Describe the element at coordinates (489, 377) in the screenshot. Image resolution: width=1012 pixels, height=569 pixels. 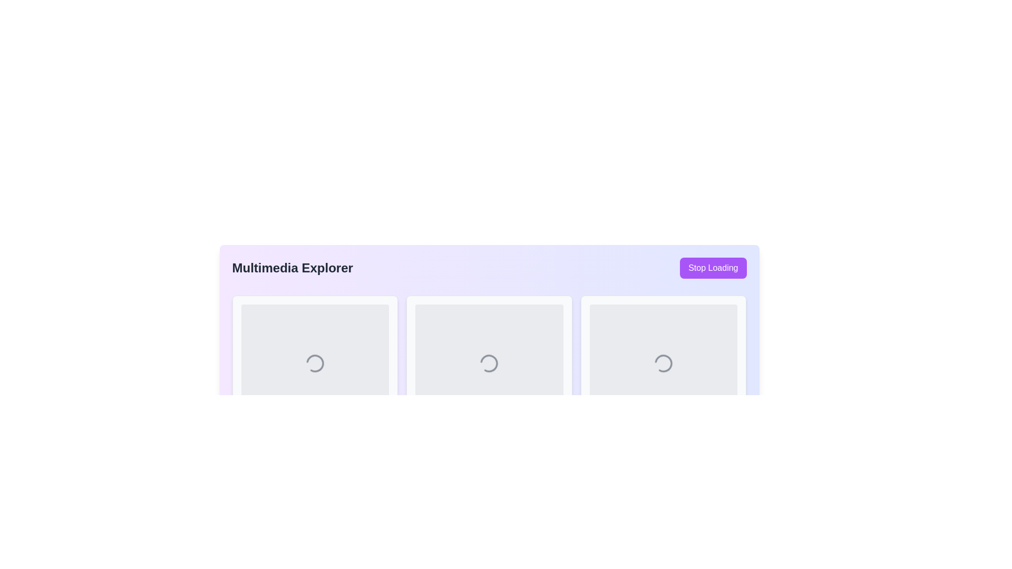
I see `the loading spinner animation located in the middle column of the three-column grid layout` at that location.